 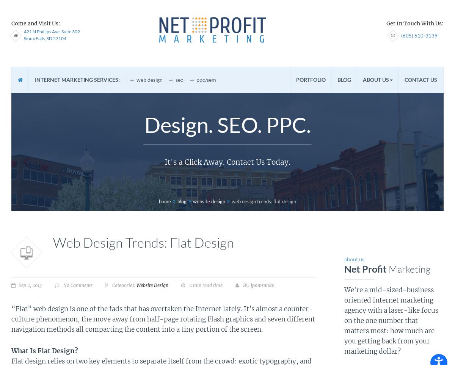 What do you see at coordinates (355, 258) in the screenshot?
I see `'about us:'` at bounding box center [355, 258].